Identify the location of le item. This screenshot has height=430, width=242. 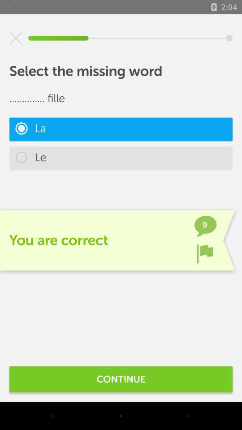
(121, 158).